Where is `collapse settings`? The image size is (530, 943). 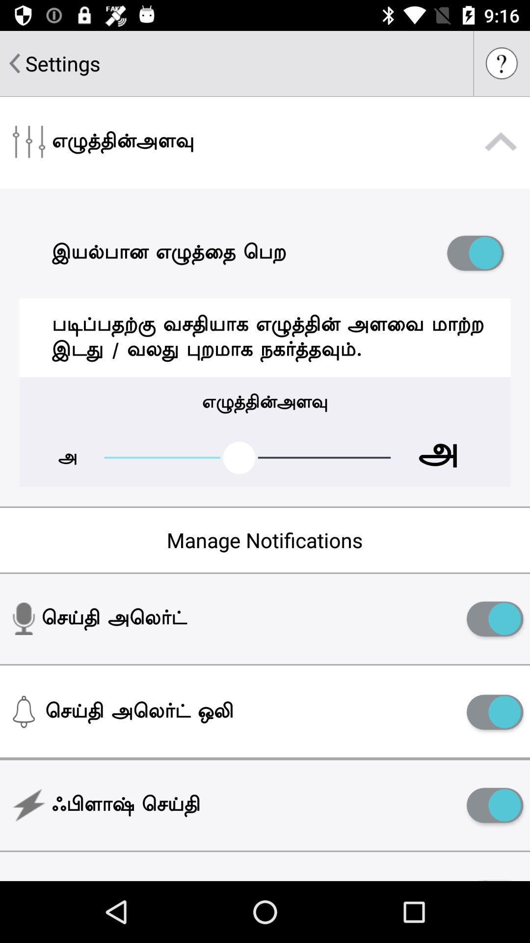 collapse settings is located at coordinates (501, 141).